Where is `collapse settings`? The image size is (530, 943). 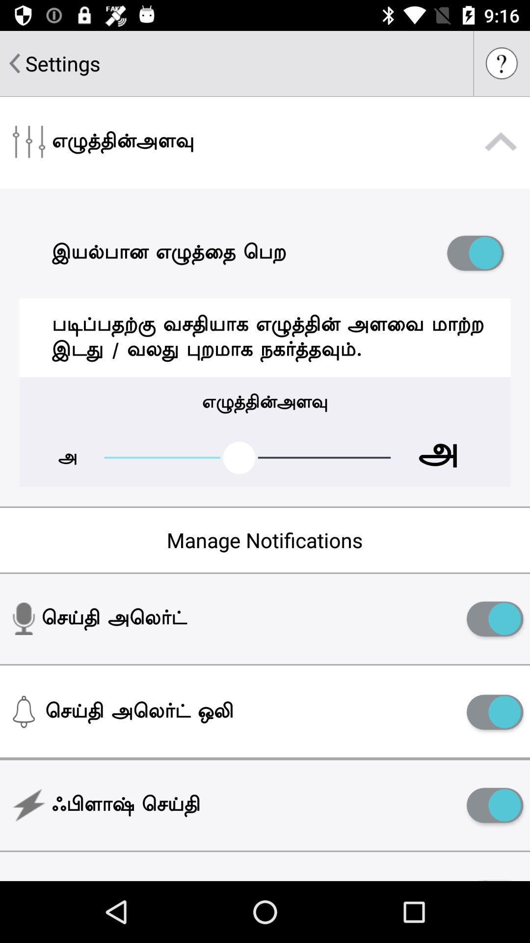 collapse settings is located at coordinates (501, 141).